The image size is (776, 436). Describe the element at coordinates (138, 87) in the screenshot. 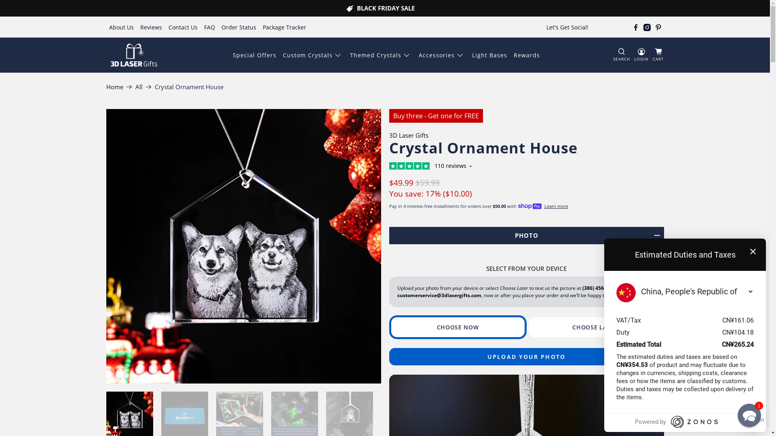

I see `'All'` at that location.